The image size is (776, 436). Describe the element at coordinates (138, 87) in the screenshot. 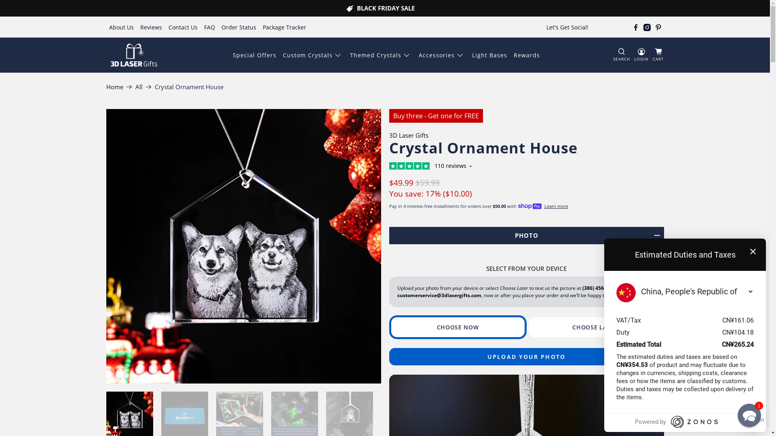

I see `'All'` at that location.